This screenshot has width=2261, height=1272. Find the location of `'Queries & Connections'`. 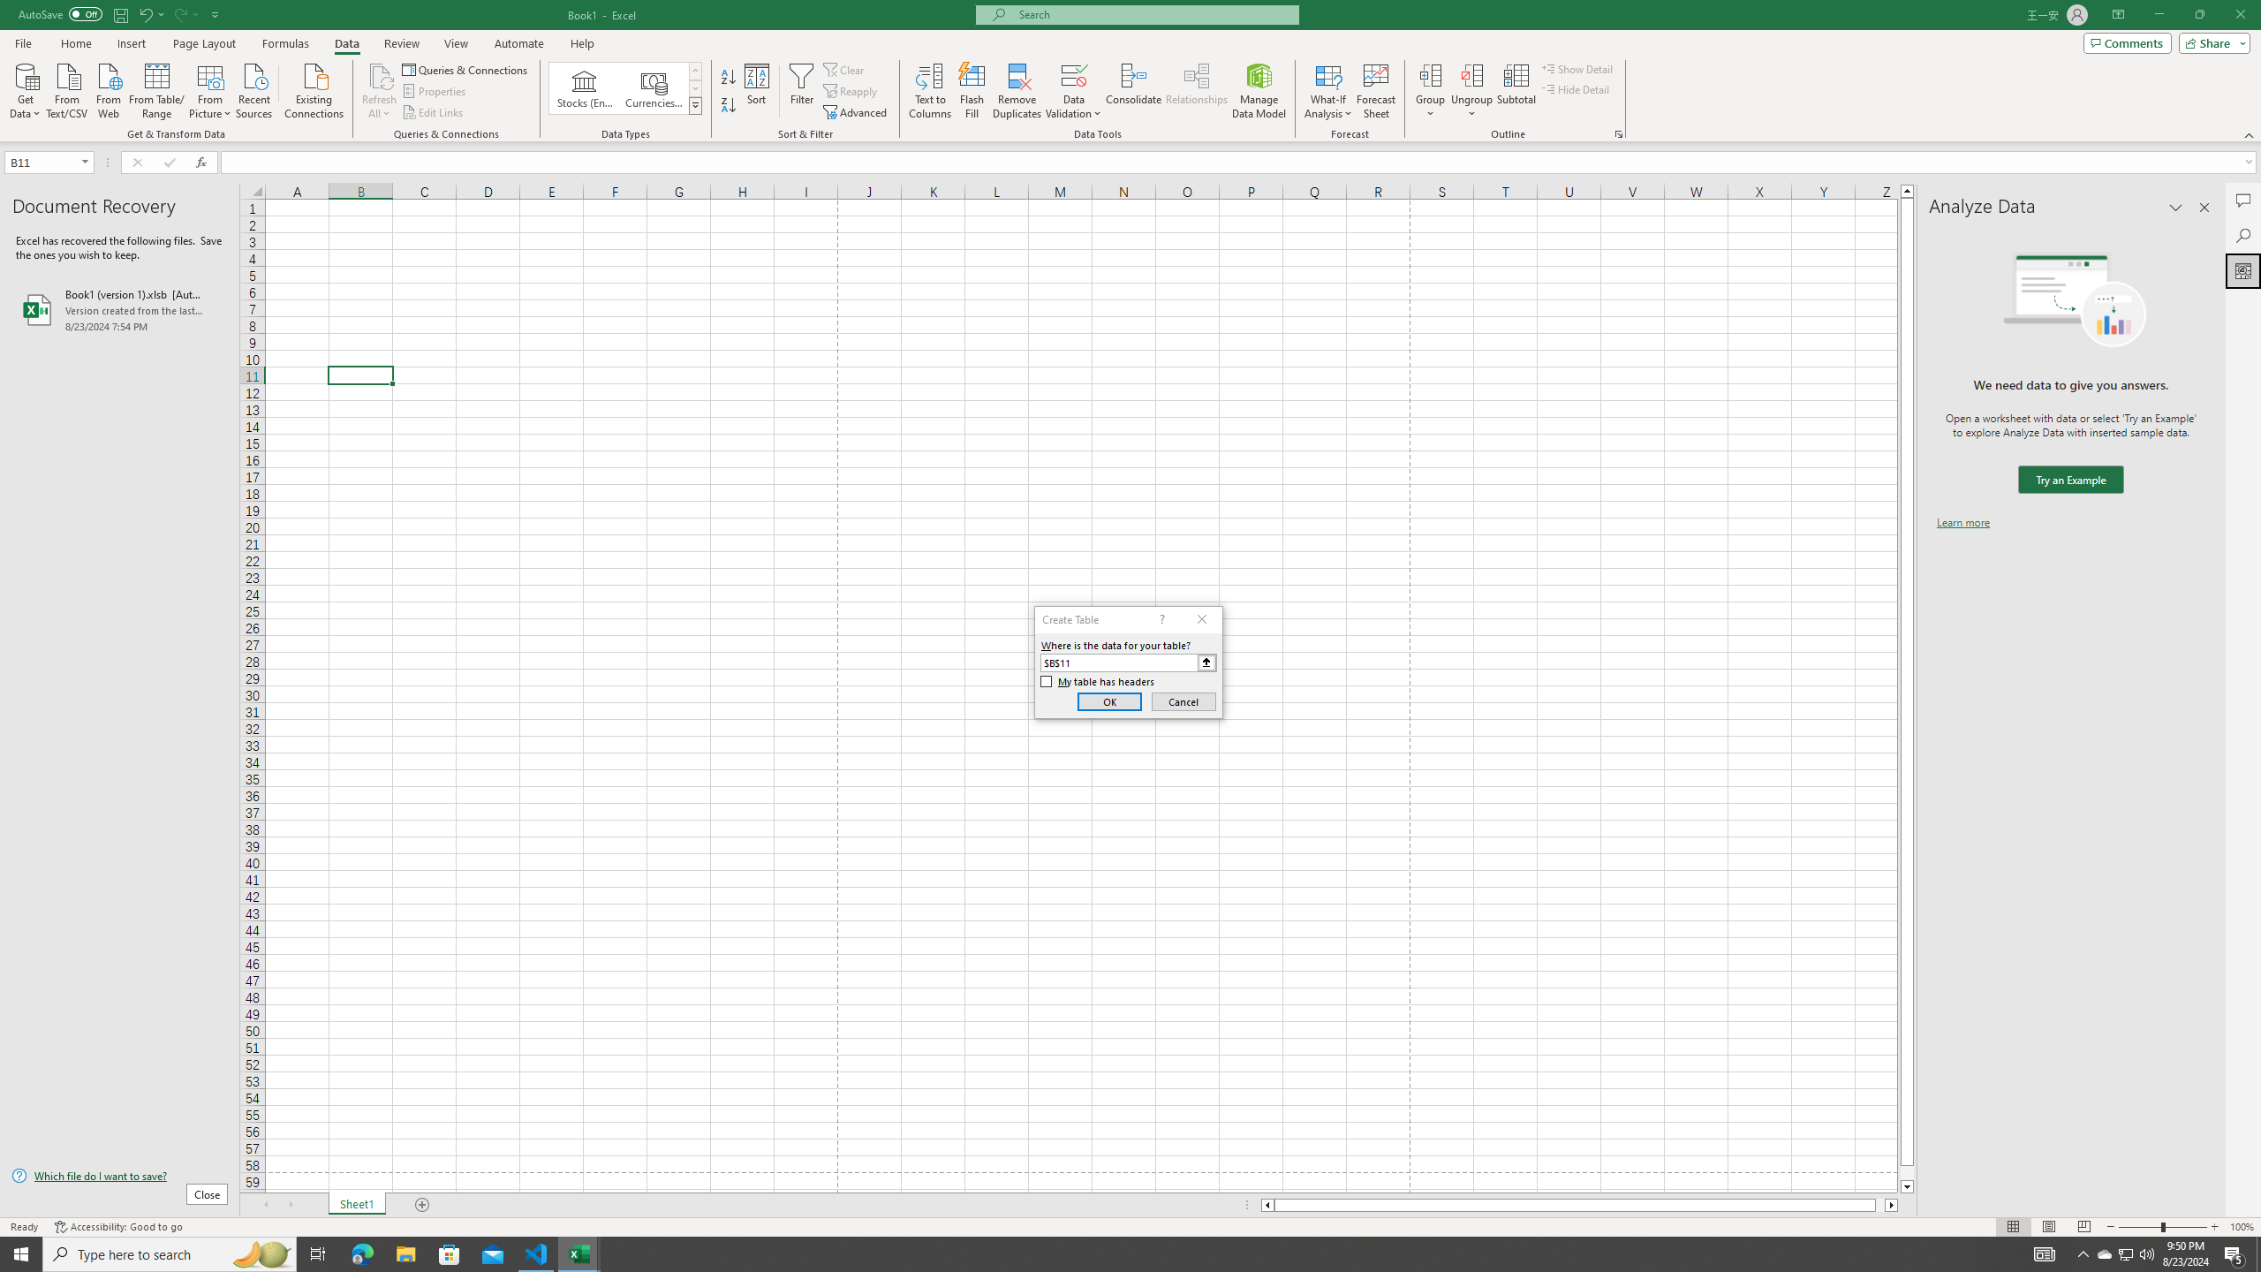

'Queries & Connections' is located at coordinates (465, 69).